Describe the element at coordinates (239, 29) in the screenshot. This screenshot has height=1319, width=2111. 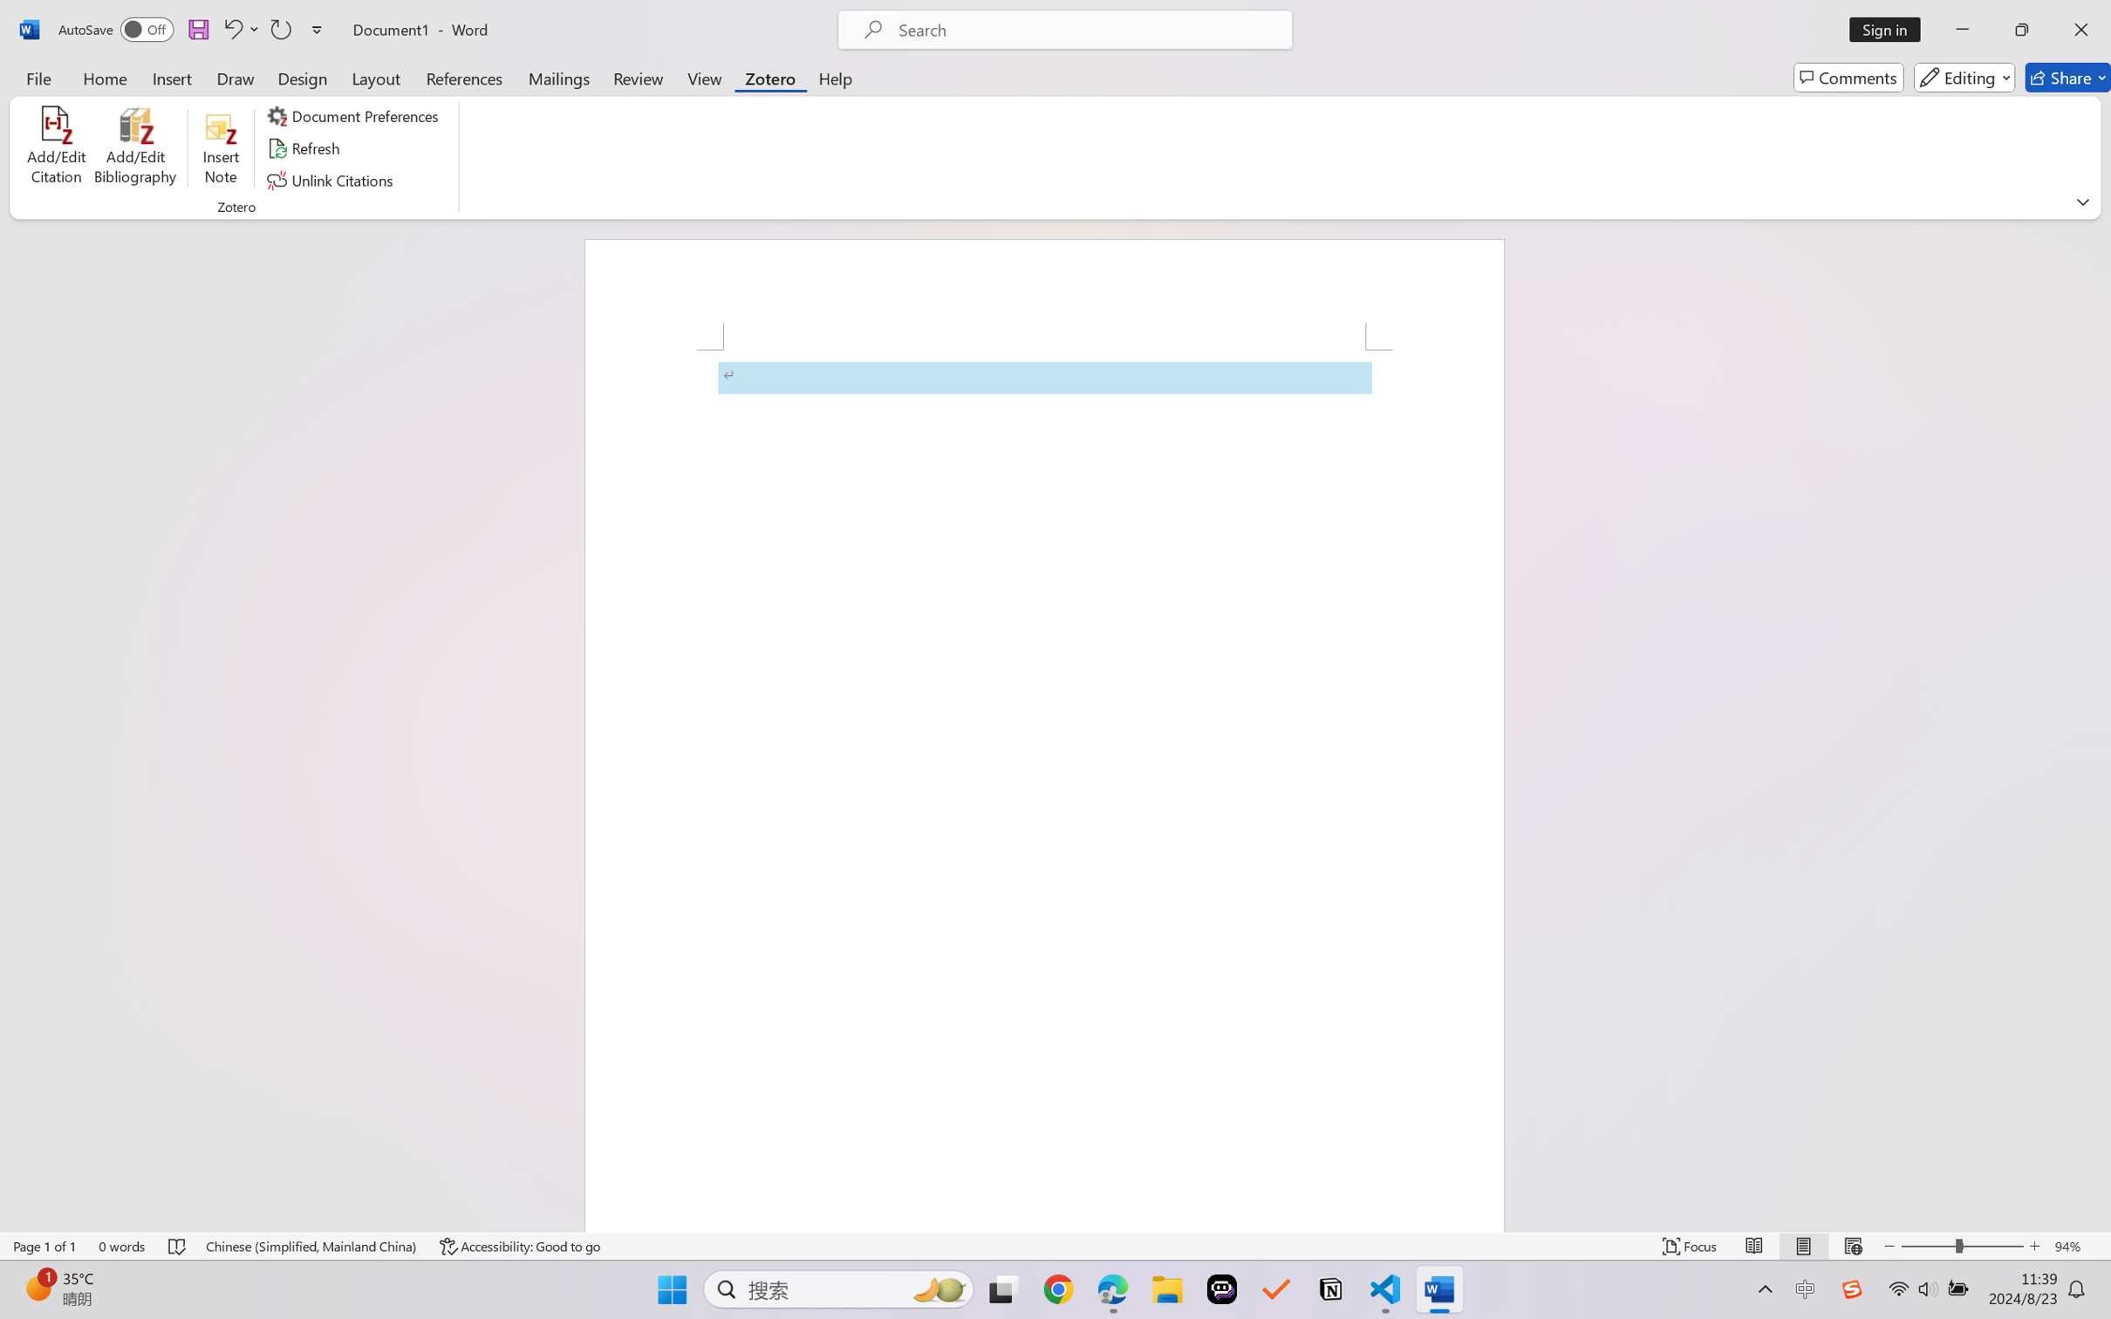
I see `'Undo Apply Quick Style'` at that location.